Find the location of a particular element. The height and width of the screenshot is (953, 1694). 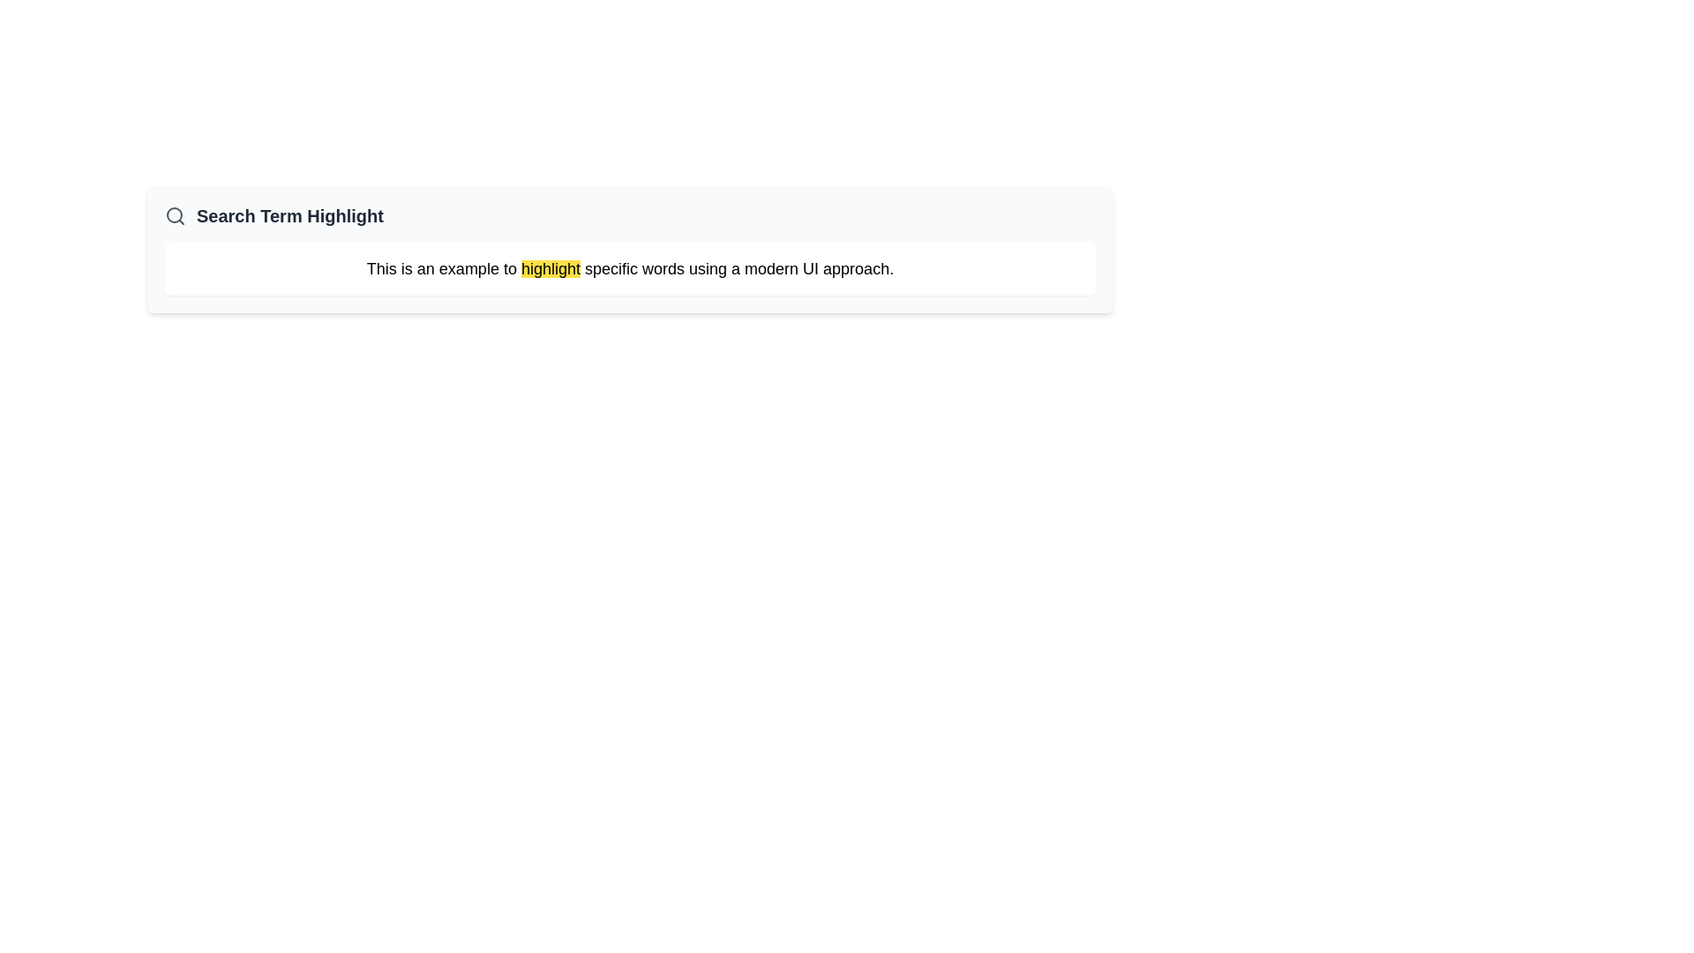

the text 'highlight' is located at coordinates (550, 268).